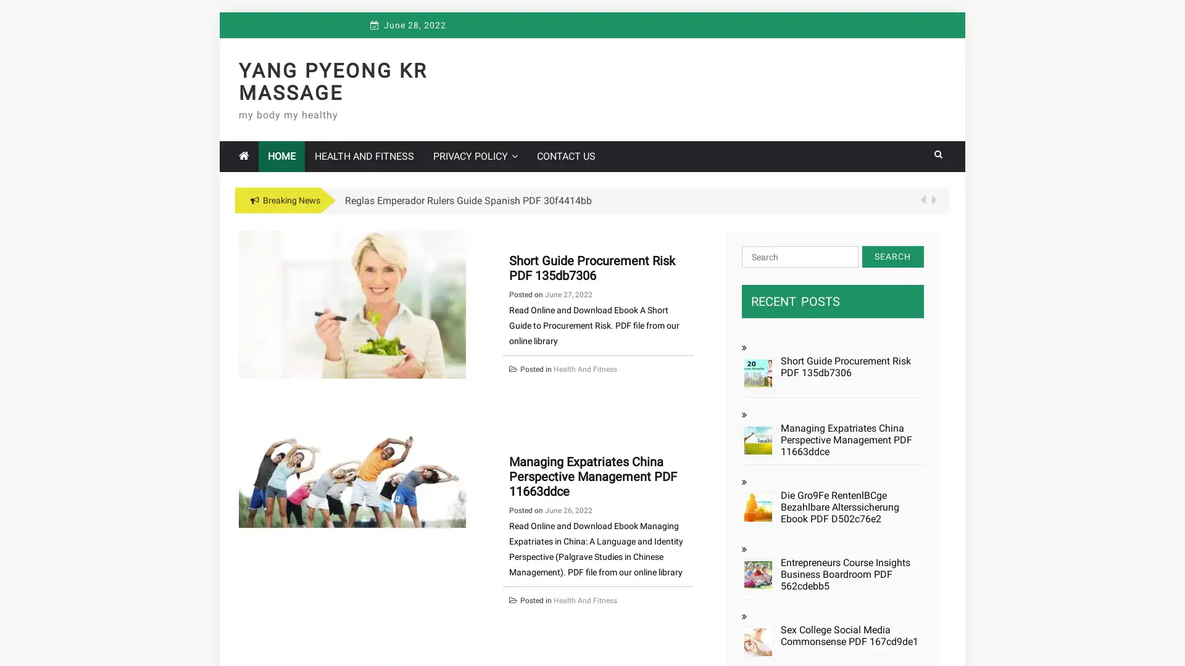 The height and width of the screenshot is (666, 1185). What do you see at coordinates (892, 256) in the screenshot?
I see `Search` at bounding box center [892, 256].